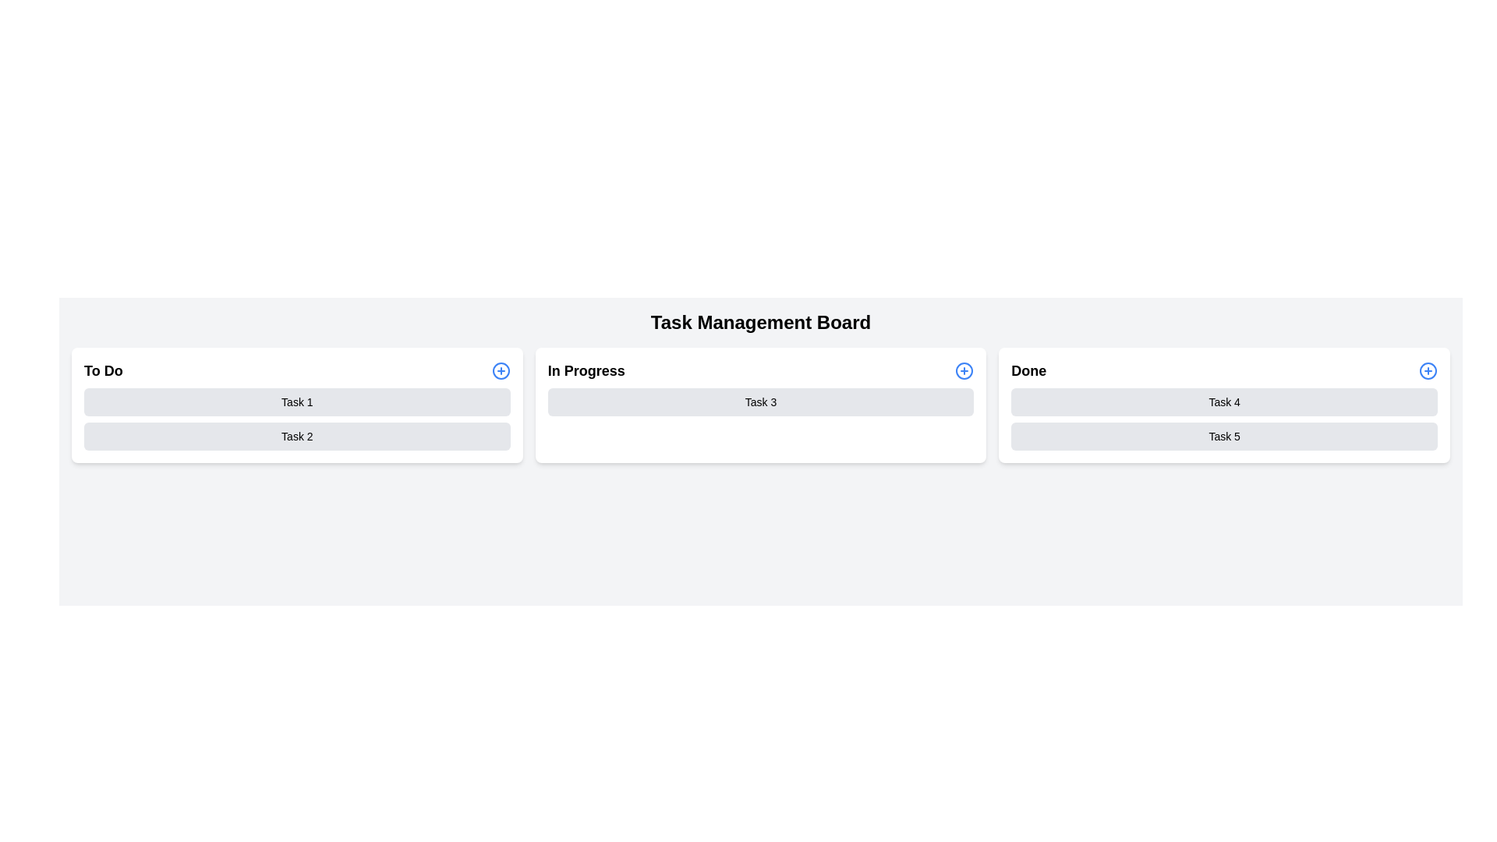 This screenshot has height=842, width=1497. I want to click on the circular button with a blue border and a blue plus symbol located to the right of the 'To Do' column header, so click(501, 370).